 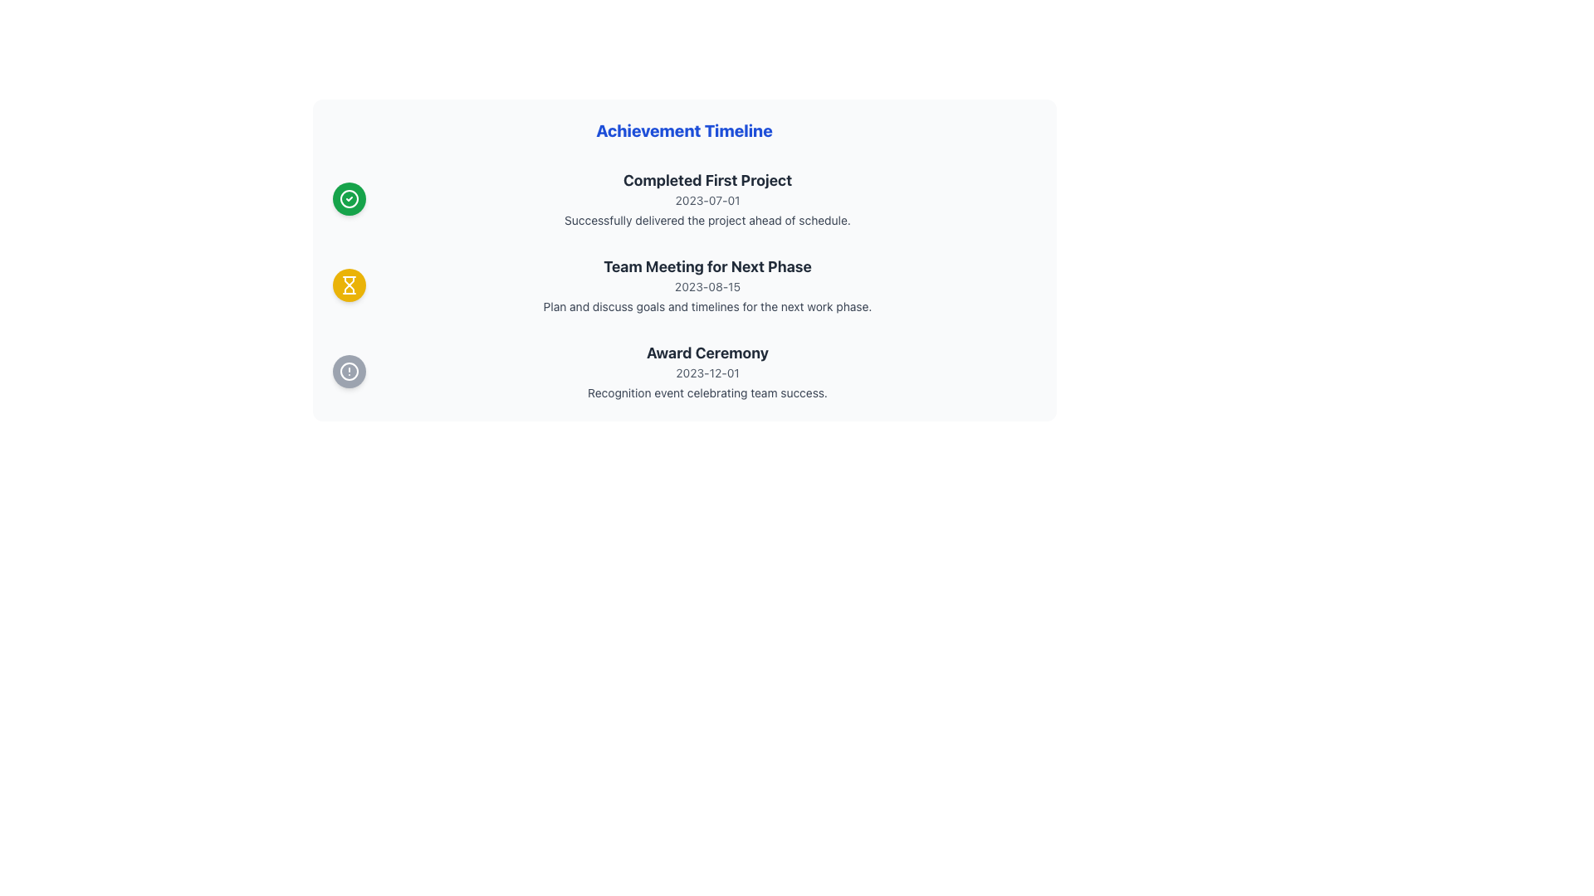 I want to click on the circular green icon with a white check mark that indicates the completion of the 'Completed First Project' milestone in the Achievement Timeline interface, so click(x=348, y=197).